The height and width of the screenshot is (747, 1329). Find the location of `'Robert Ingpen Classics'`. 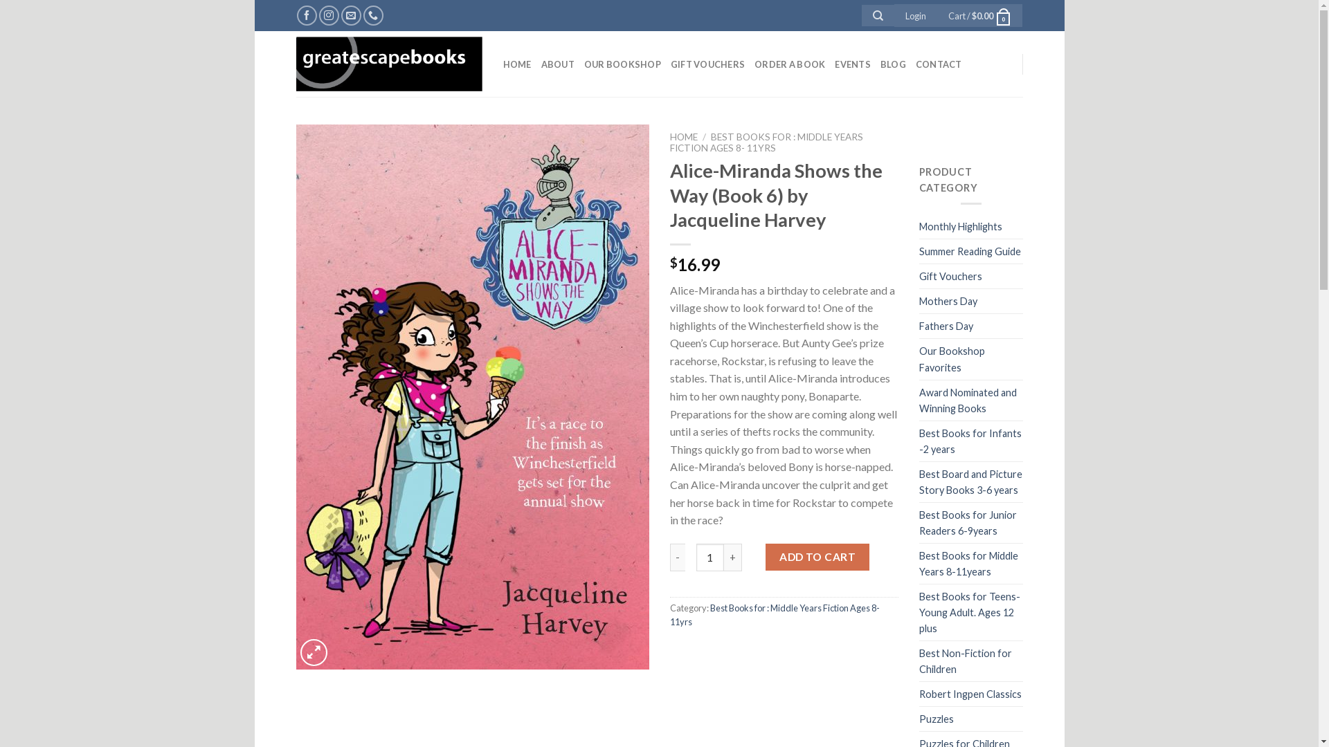

'Robert Ingpen Classics' is located at coordinates (969, 694).